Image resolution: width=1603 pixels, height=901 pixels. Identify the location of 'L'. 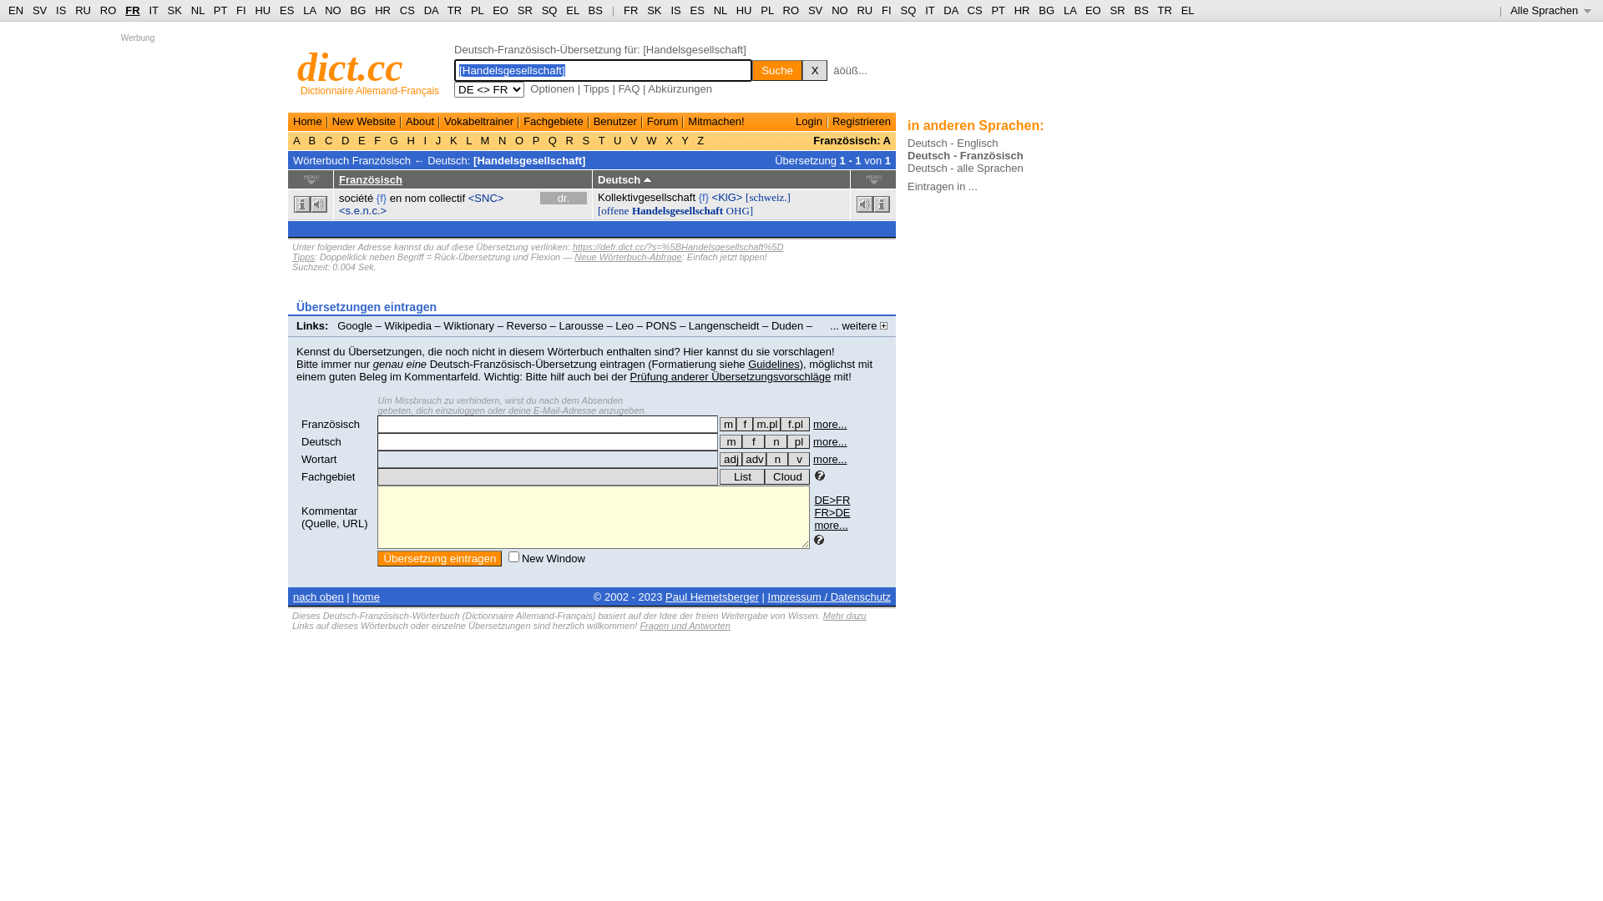
(463, 139).